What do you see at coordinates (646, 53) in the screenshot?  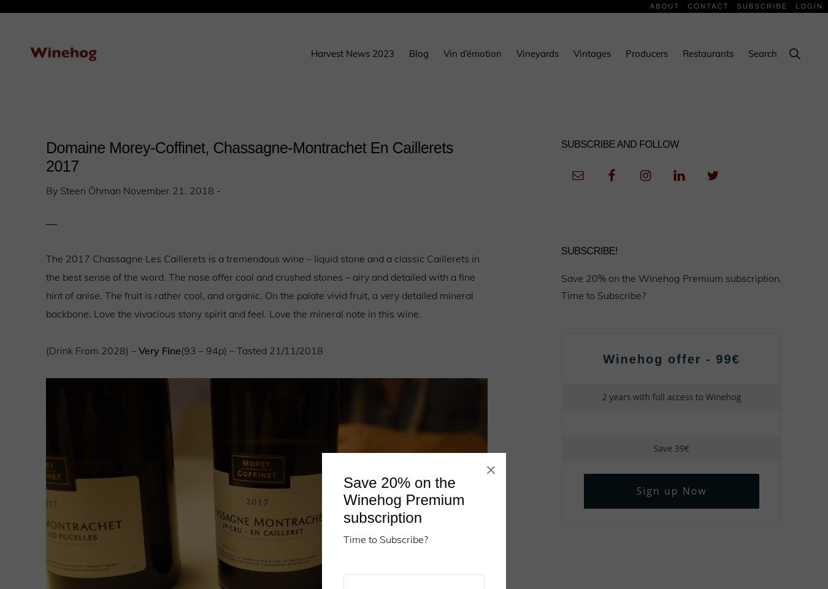 I see `'Producers'` at bounding box center [646, 53].